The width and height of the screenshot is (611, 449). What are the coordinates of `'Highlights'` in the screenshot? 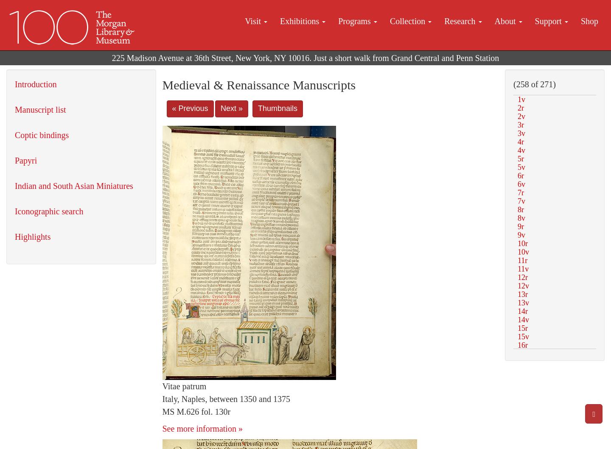 It's located at (33, 237).